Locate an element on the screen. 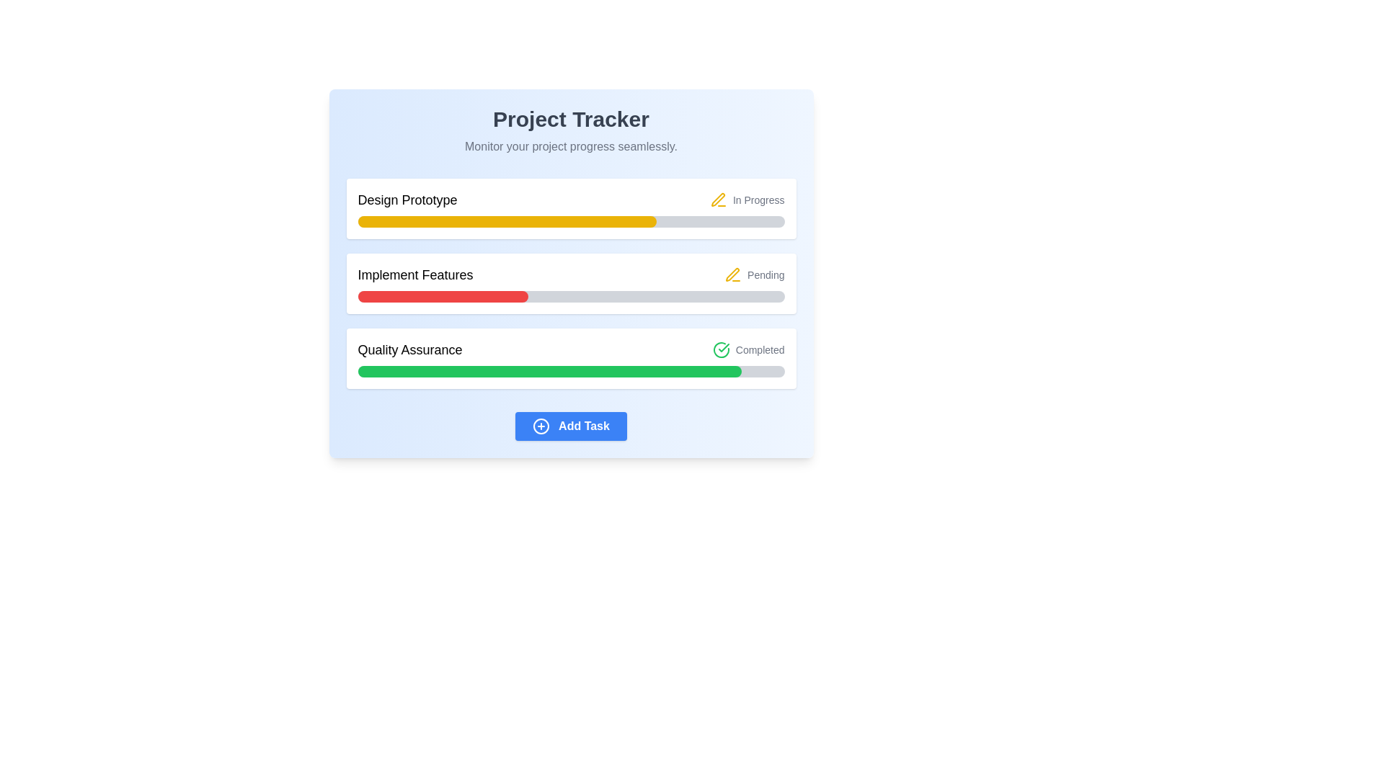 Image resolution: width=1384 pixels, height=778 pixels. the 'Pending' status label indicating the current status of the 'Implement Features' task in the project tracker interface is located at coordinates (765, 274).